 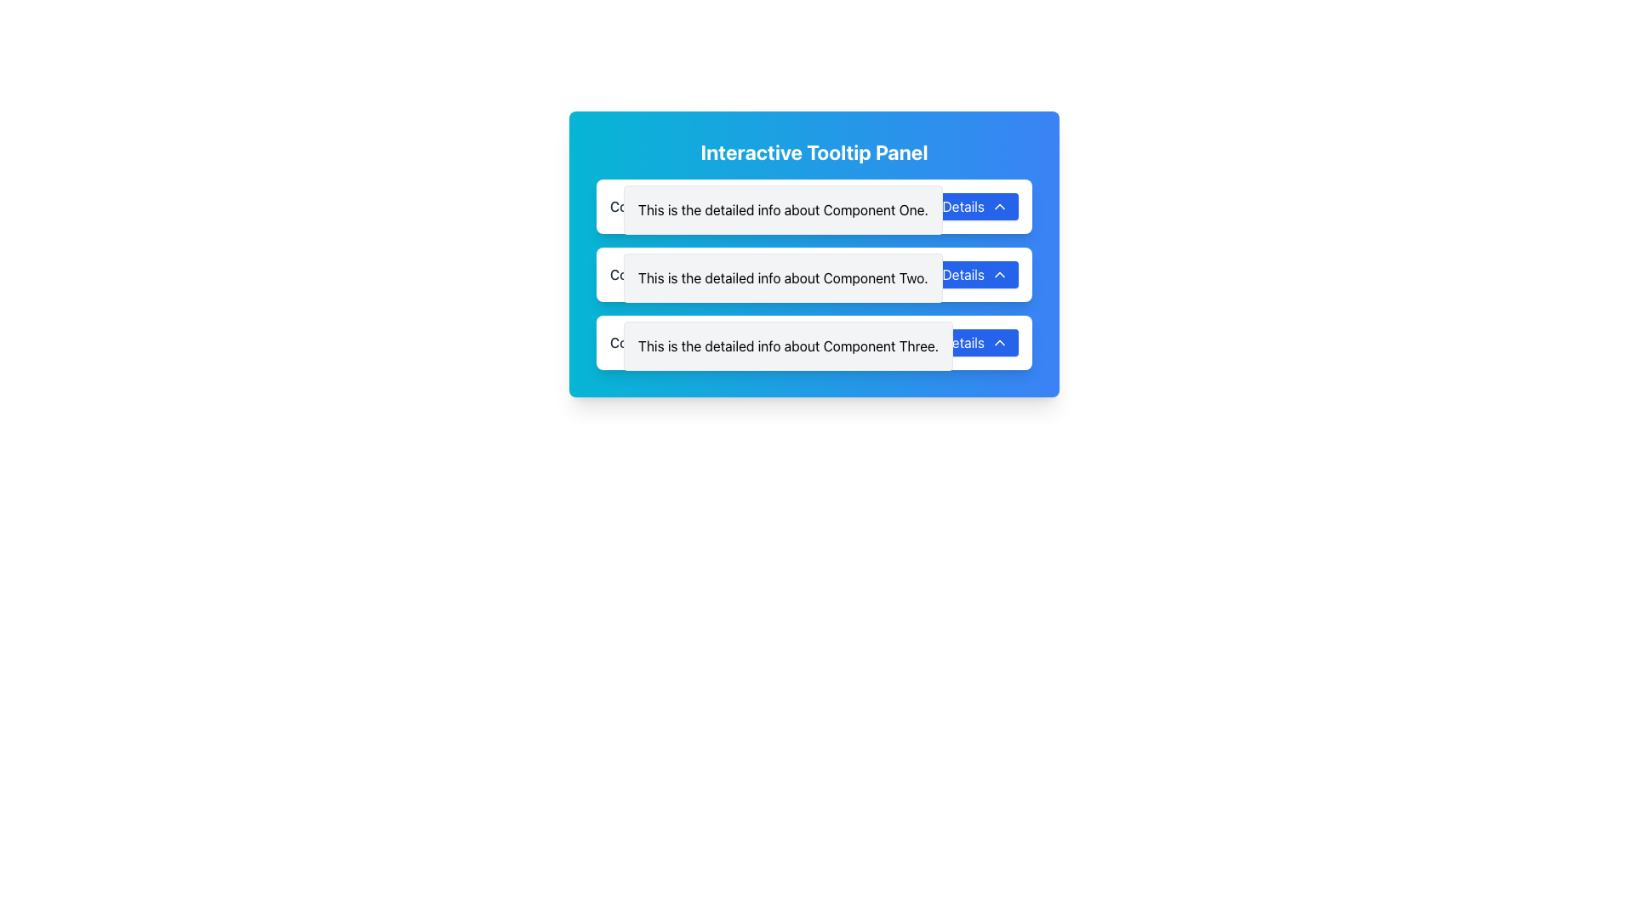 What do you see at coordinates (813, 151) in the screenshot?
I see `text content of the title element located at the top of the interactive tooltip panel, which serves as a header for the information below` at bounding box center [813, 151].